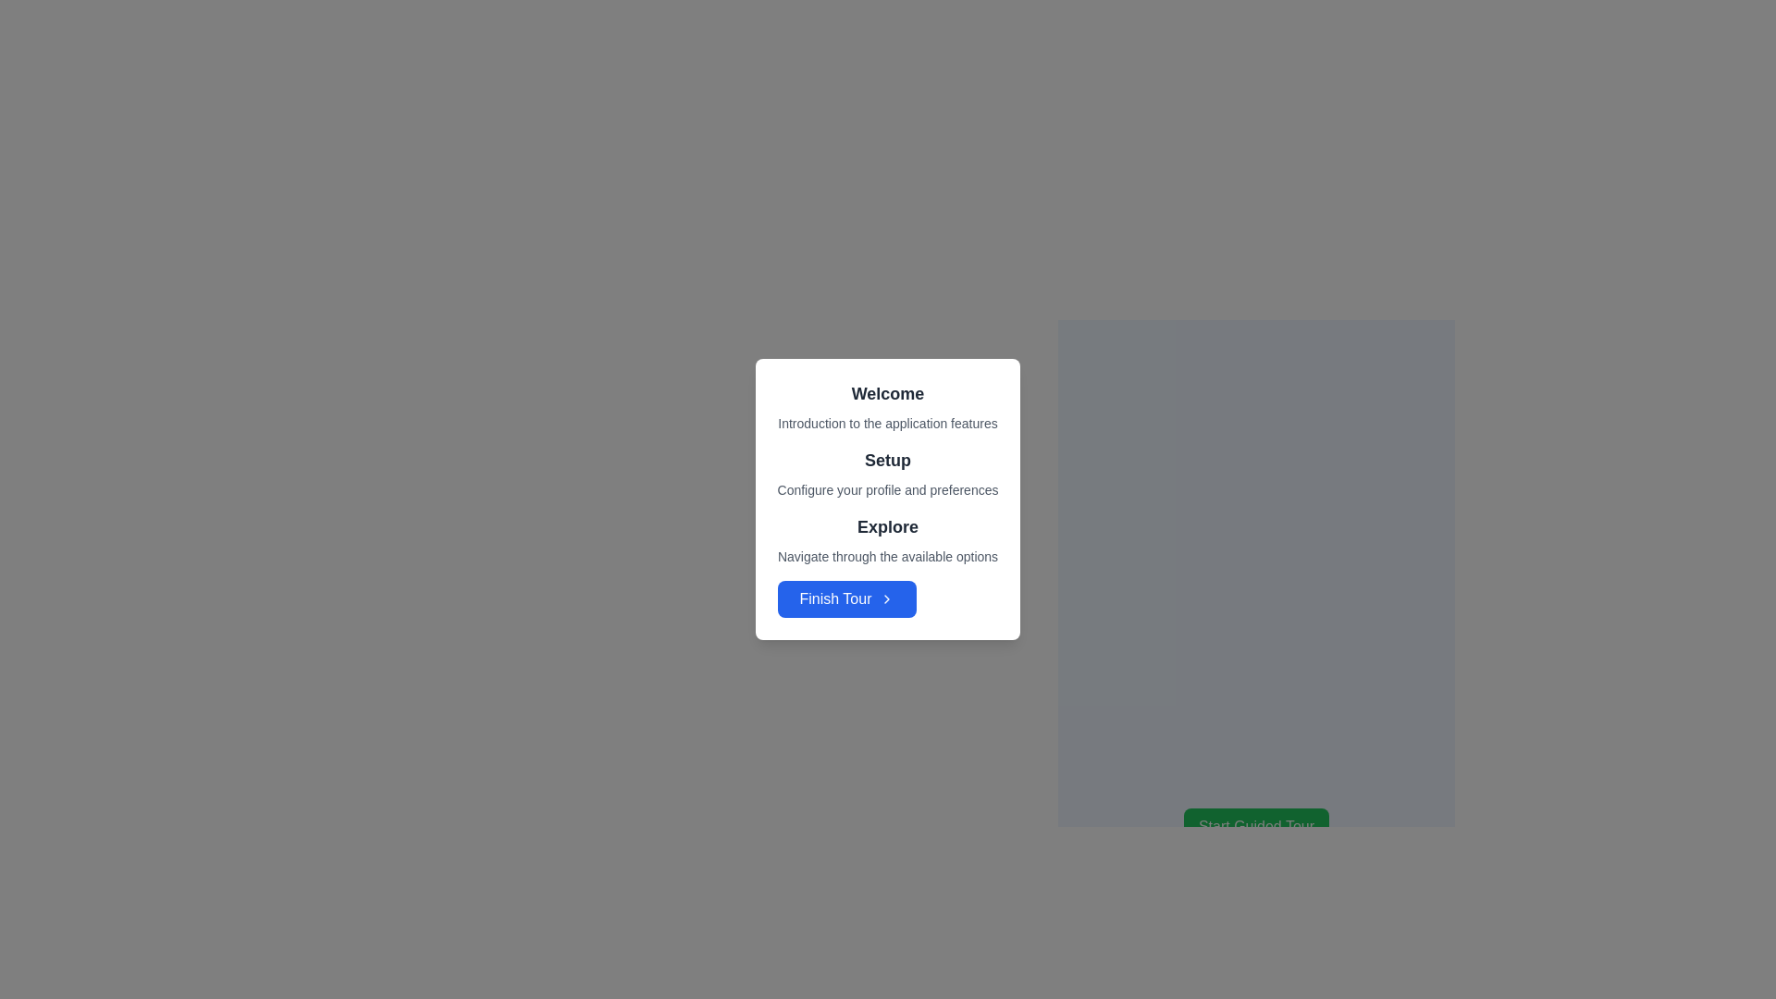  I want to click on the text section containing the bold heading 'Explore' and the description 'Navigate through the available options', which is positioned between the 'Setup' section and the 'Finish Tour' button, so click(888, 539).